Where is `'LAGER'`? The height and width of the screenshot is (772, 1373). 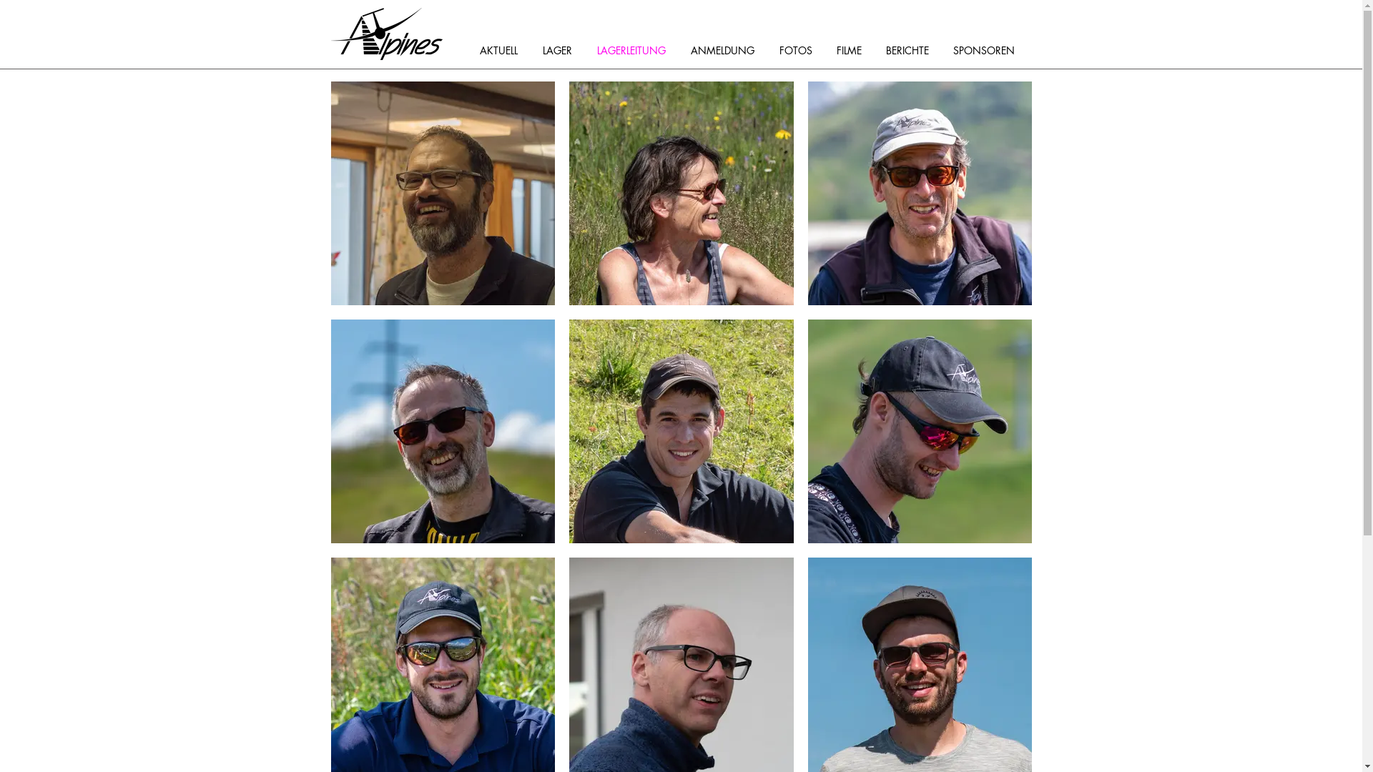 'LAGER' is located at coordinates (534, 49).